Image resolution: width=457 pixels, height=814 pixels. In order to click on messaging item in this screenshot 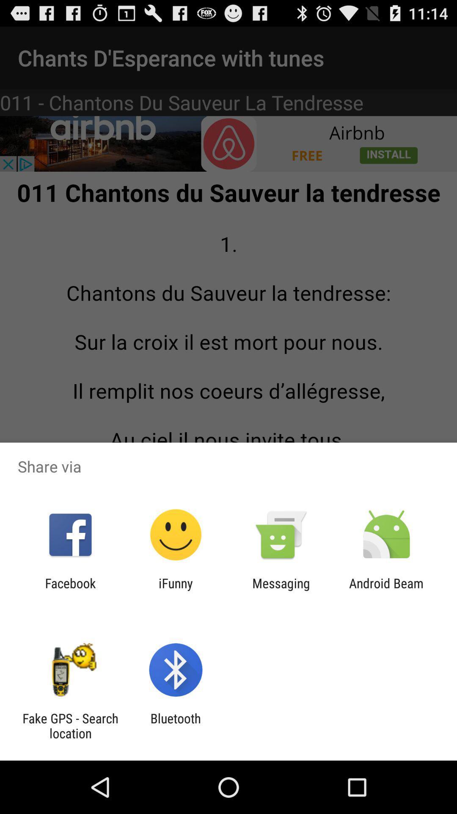, I will do `click(281, 590)`.